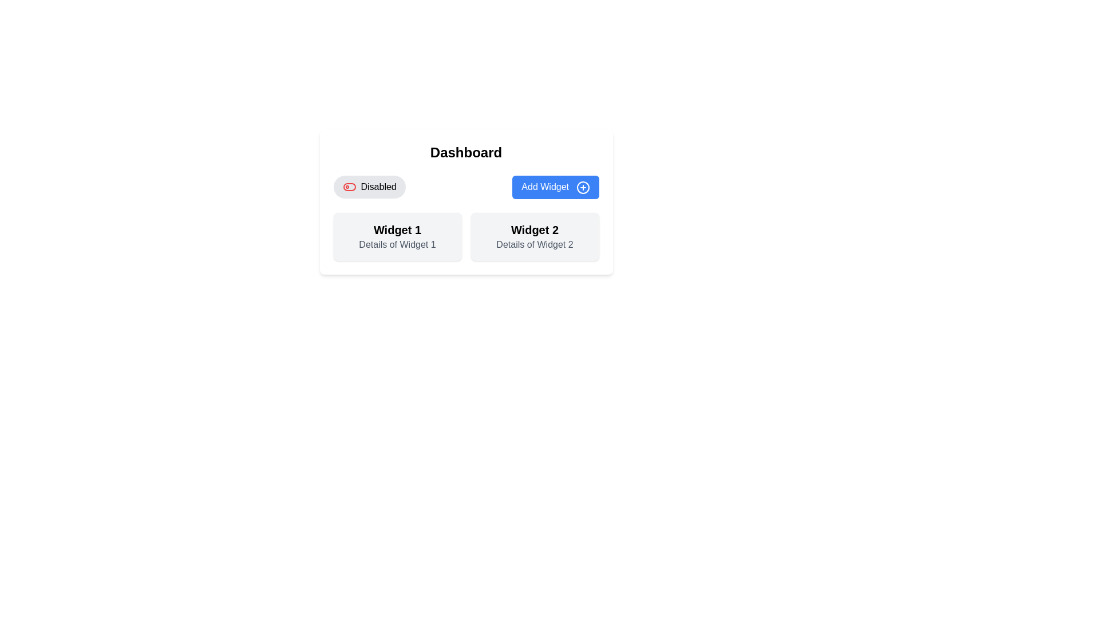 Image resolution: width=1099 pixels, height=618 pixels. Describe the element at coordinates (583, 187) in the screenshot. I see `the circular SVG element that represents a plus sign within the blue 'Add Widget' button` at that location.